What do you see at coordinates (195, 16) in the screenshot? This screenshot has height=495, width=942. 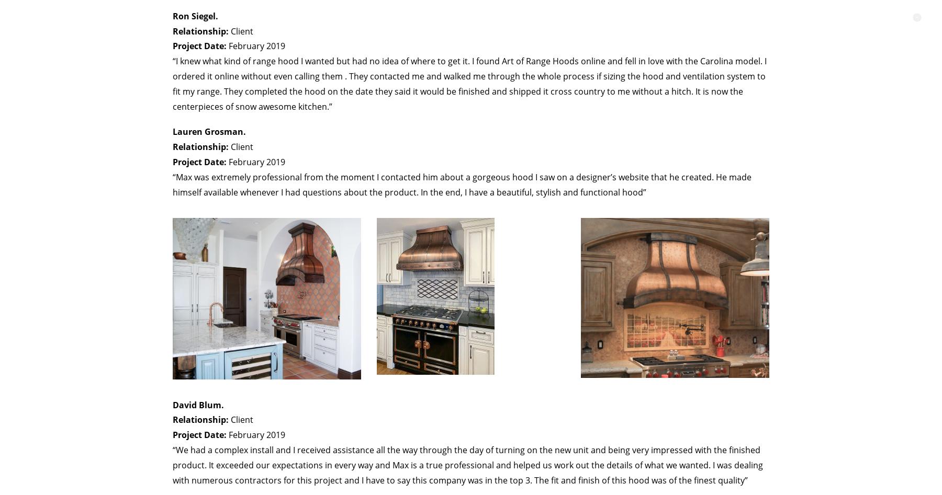 I see `'Ron Siegel.'` at bounding box center [195, 16].